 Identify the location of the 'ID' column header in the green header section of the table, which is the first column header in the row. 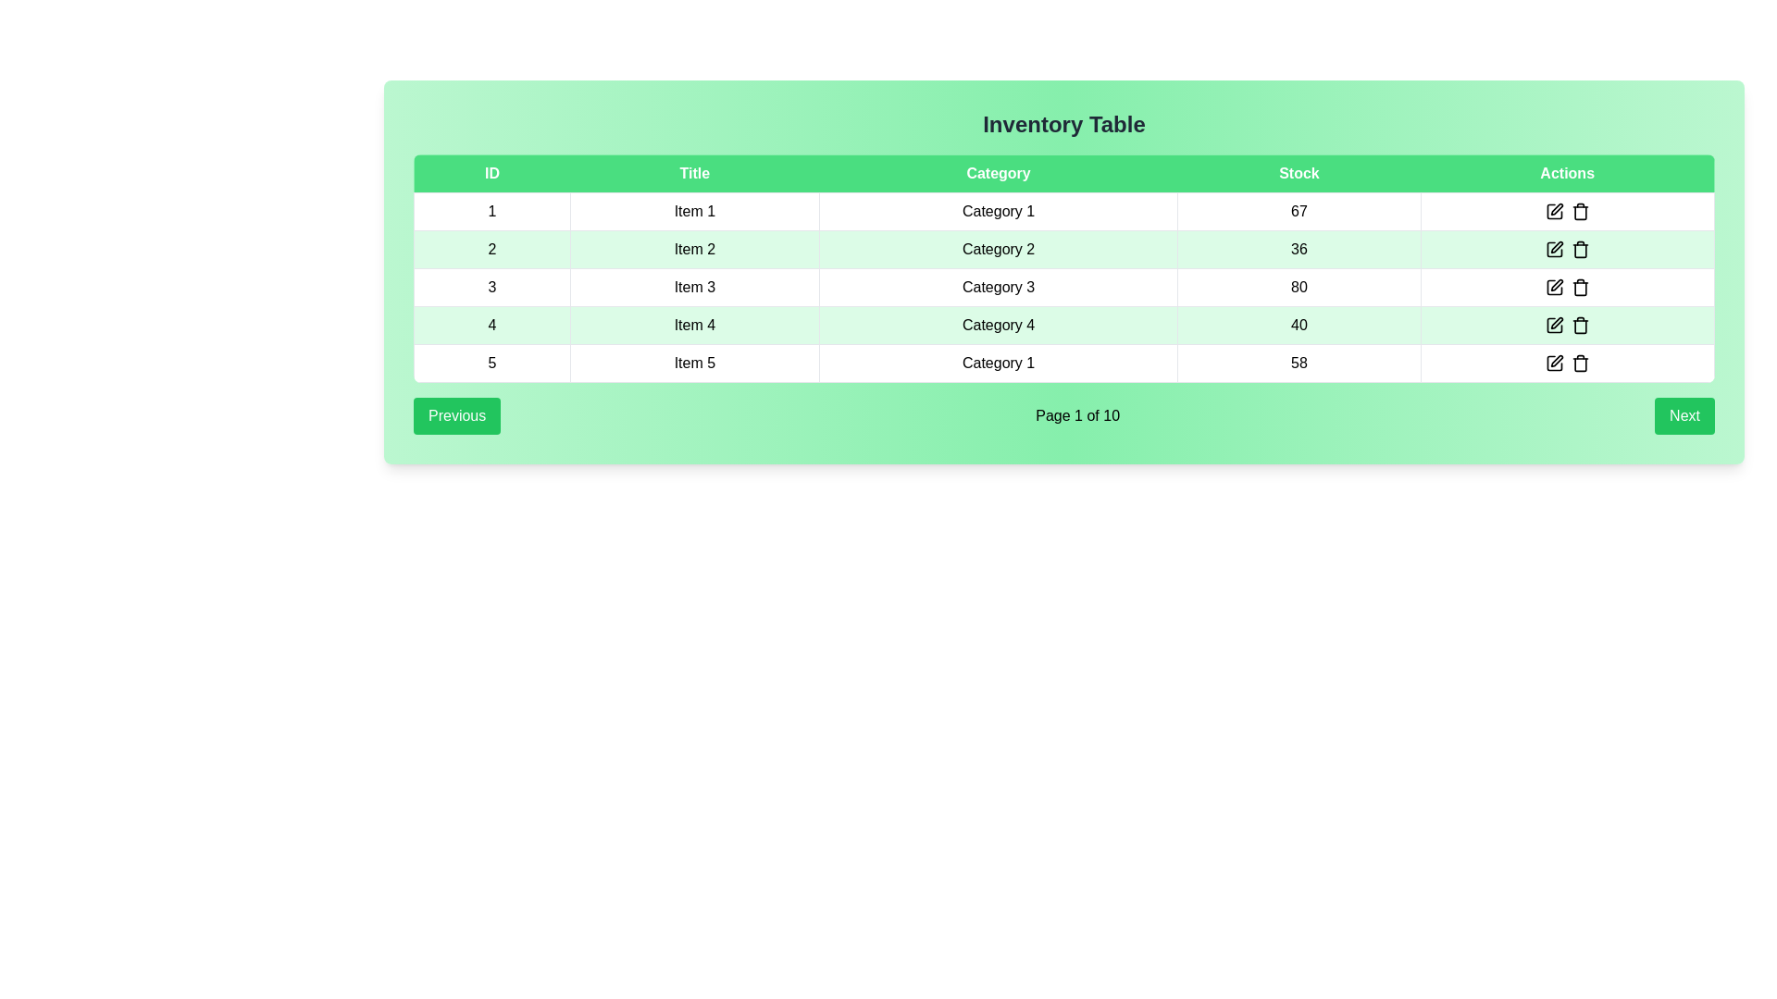
(491, 174).